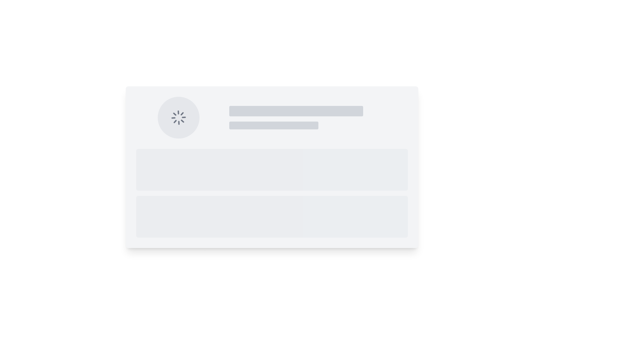 This screenshot has height=352, width=627. What do you see at coordinates (179, 118) in the screenshot?
I see `the circular spinner loader with gray strokes positioned in the leftmost column of the grid layout` at bounding box center [179, 118].